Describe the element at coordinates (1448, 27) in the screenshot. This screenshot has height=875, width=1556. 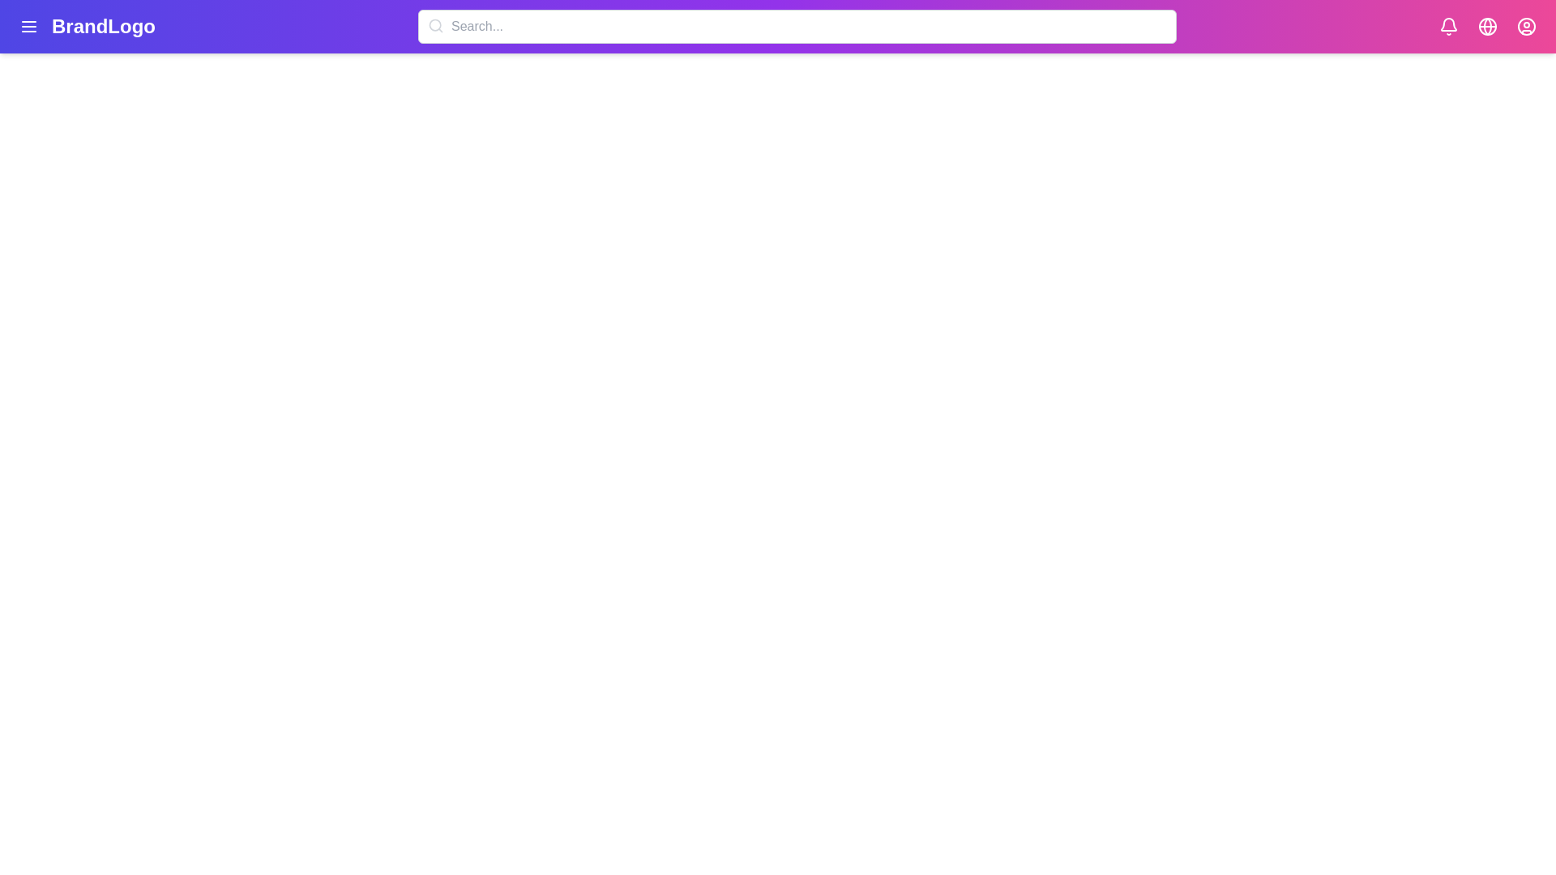
I see `the bell-shaped notification icon located in the top-right corner of the interface` at that location.